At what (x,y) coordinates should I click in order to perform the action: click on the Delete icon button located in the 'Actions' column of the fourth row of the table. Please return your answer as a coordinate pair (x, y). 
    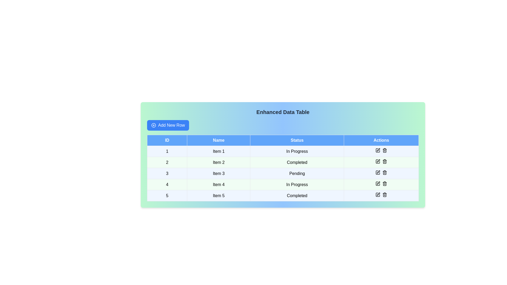
    Looking at the image, I should click on (384, 184).